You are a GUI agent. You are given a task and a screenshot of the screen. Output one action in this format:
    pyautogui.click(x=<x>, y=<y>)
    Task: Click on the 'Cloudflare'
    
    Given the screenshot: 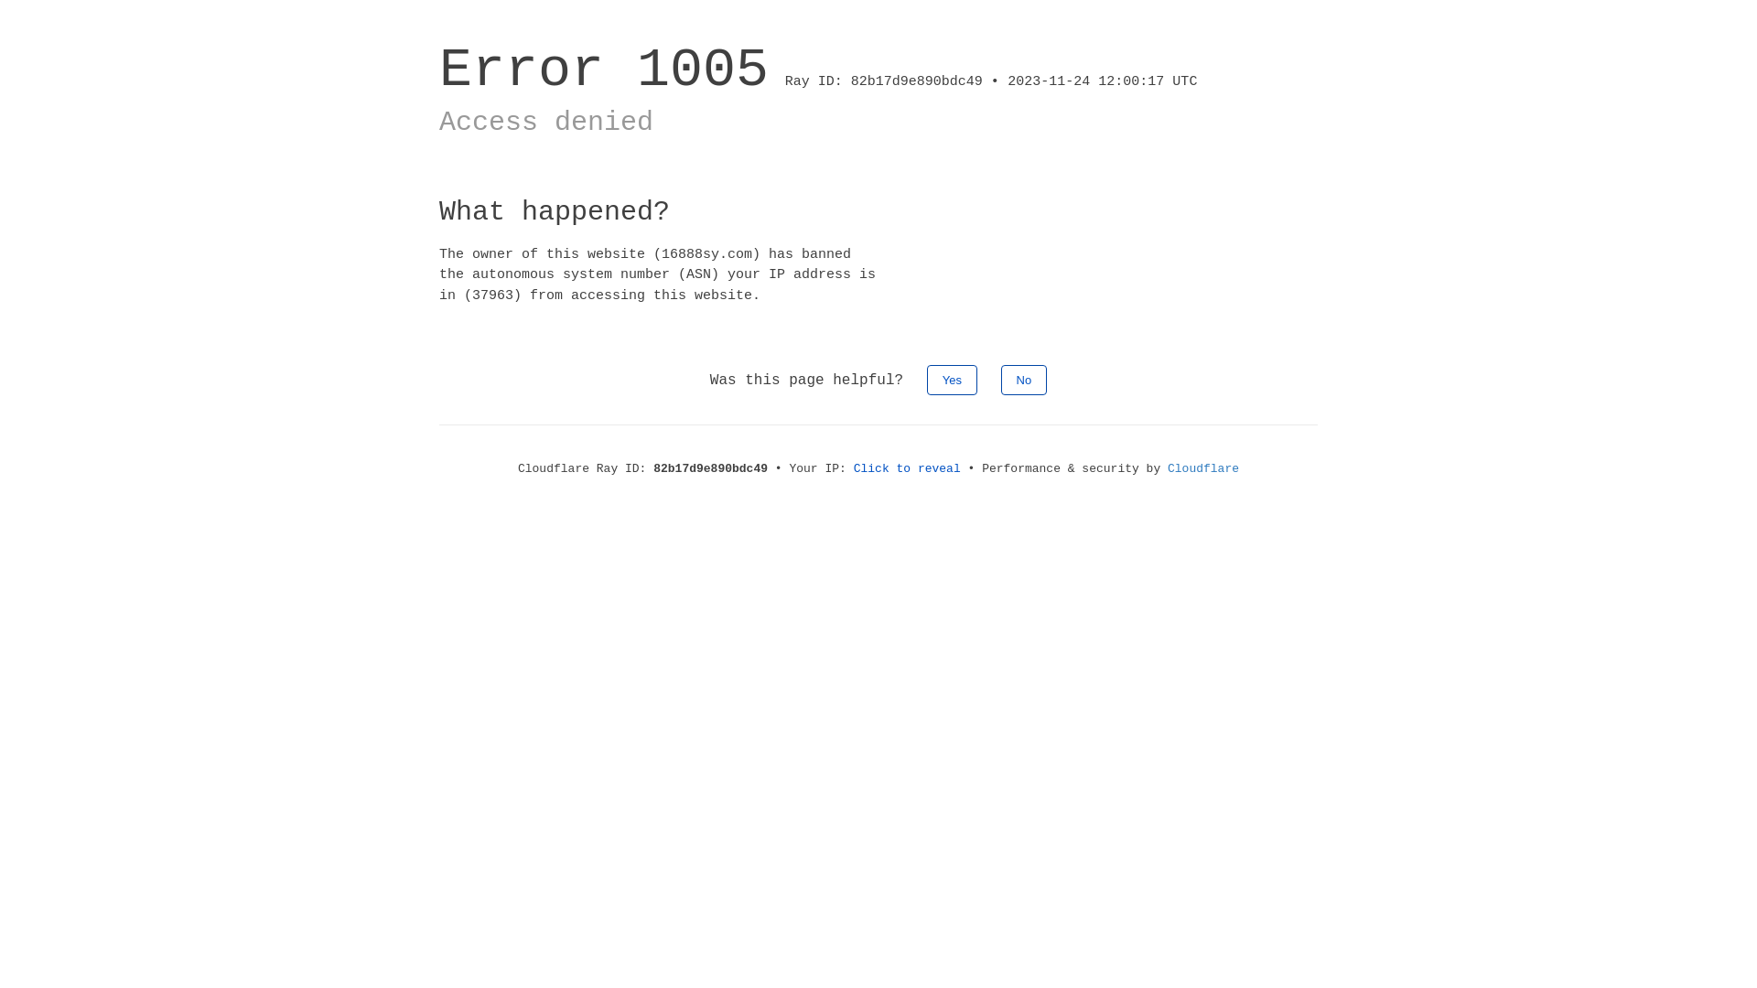 What is the action you would take?
    pyautogui.click(x=1203, y=467)
    